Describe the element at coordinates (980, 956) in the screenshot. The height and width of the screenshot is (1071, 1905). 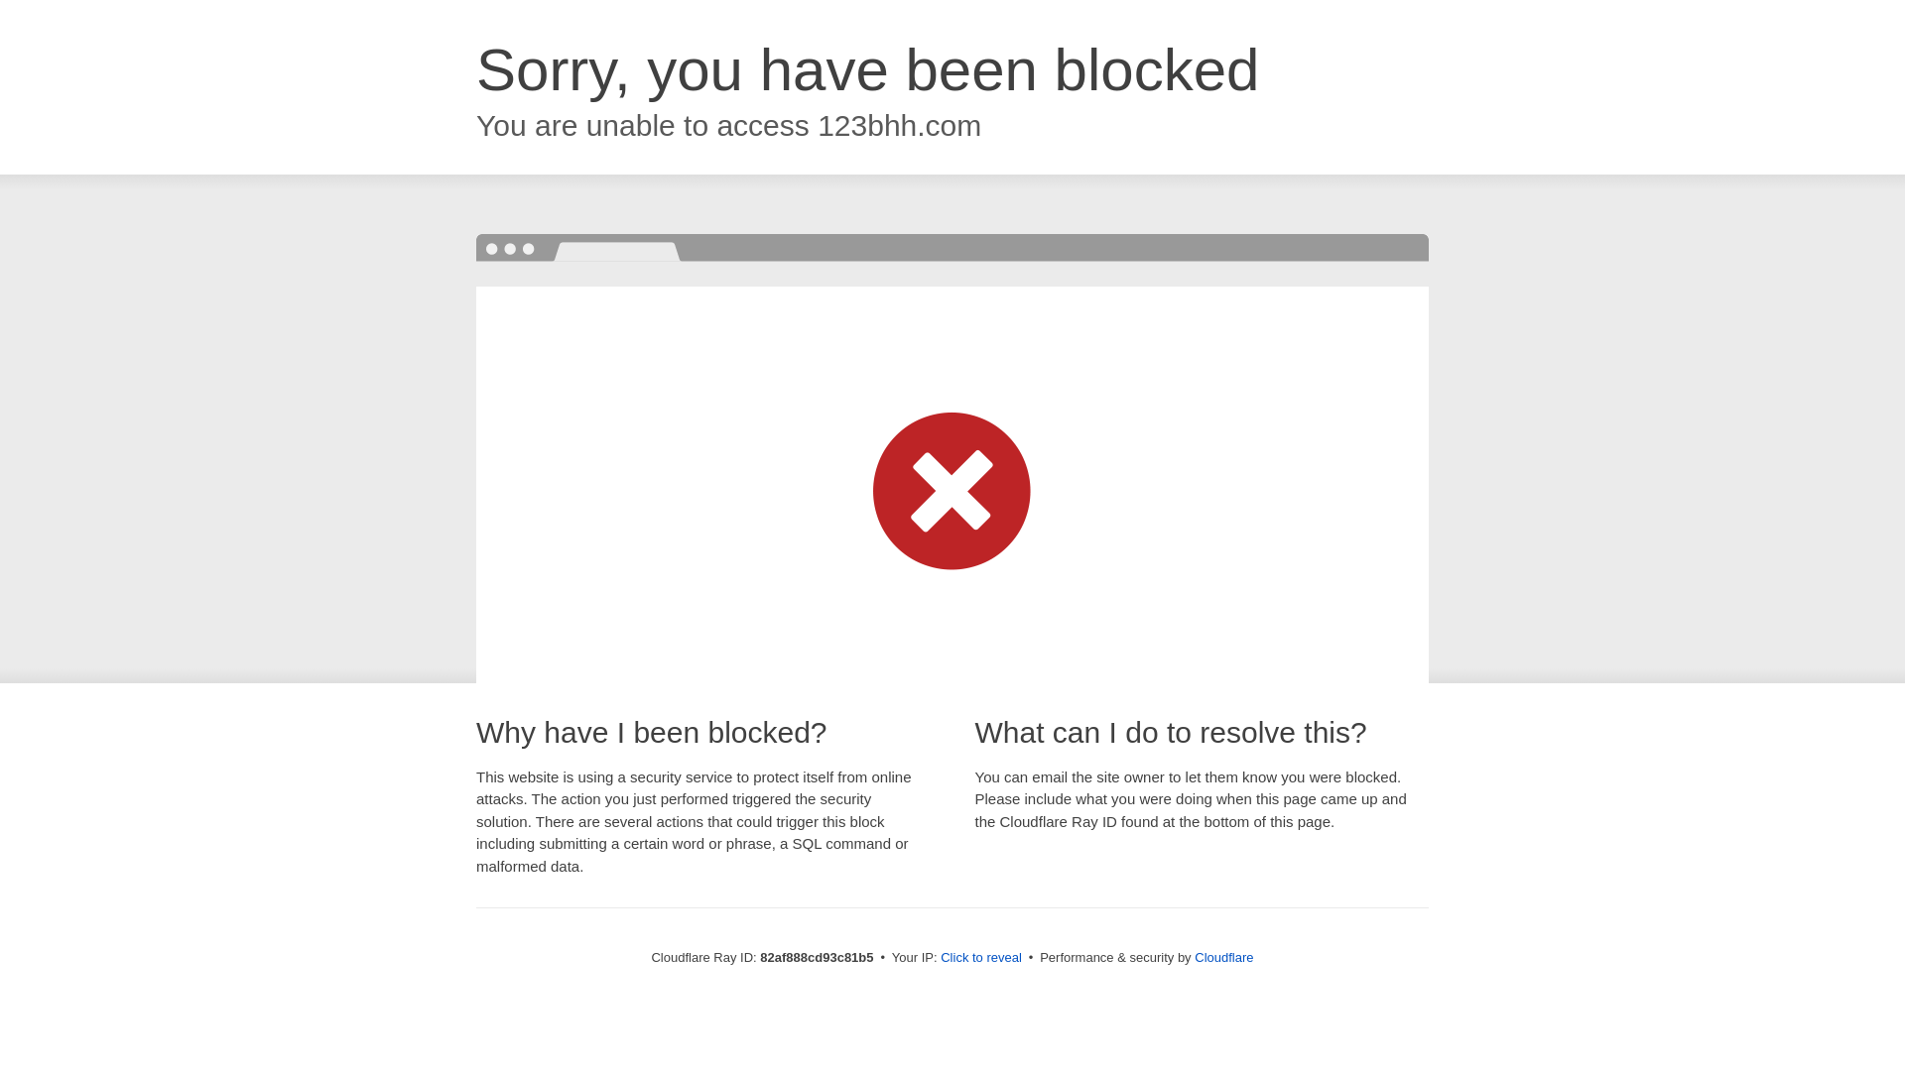
I see `'Click to reveal'` at that location.